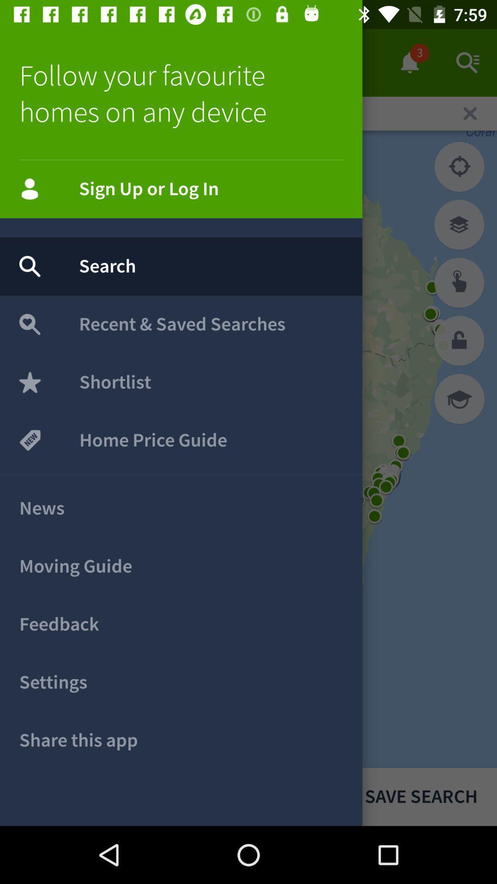  Describe the element at coordinates (470, 113) in the screenshot. I see `the close icon` at that location.